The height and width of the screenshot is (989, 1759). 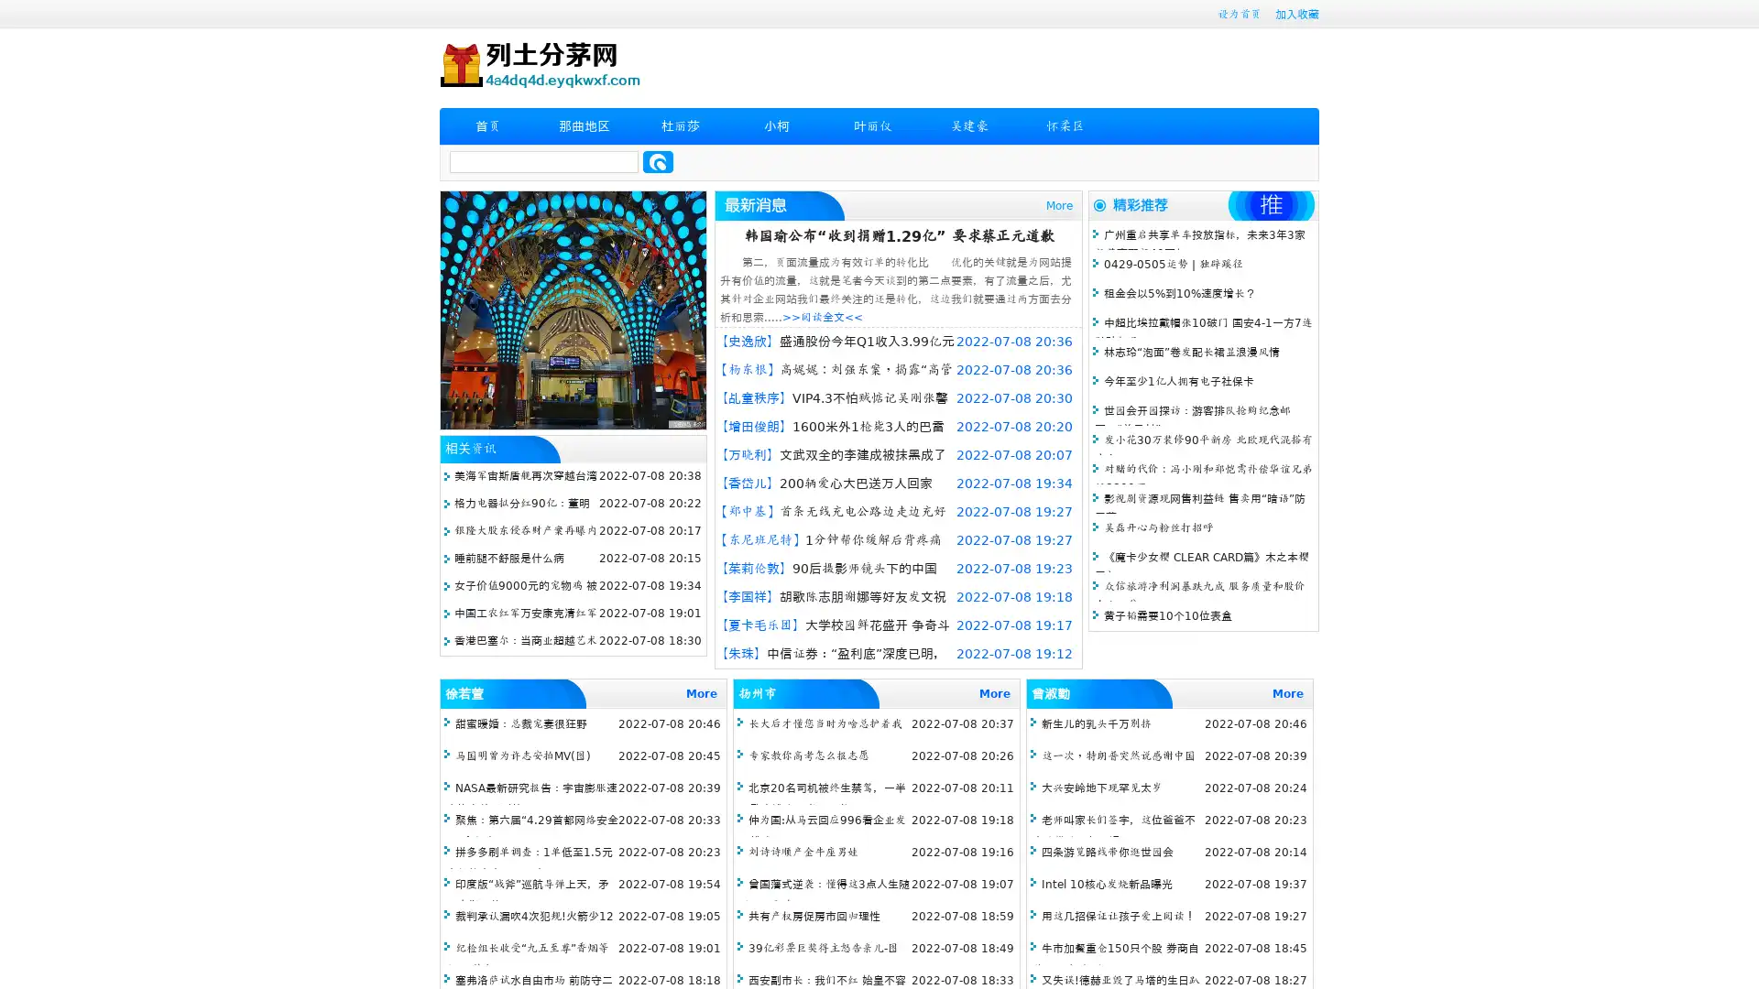 I want to click on Search, so click(x=658, y=161).